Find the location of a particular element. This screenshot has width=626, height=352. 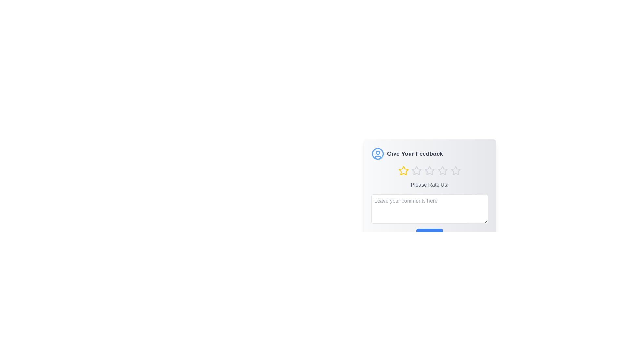

the third star in the rating set below the 'Give Your Feedback' header is located at coordinates (430, 170).